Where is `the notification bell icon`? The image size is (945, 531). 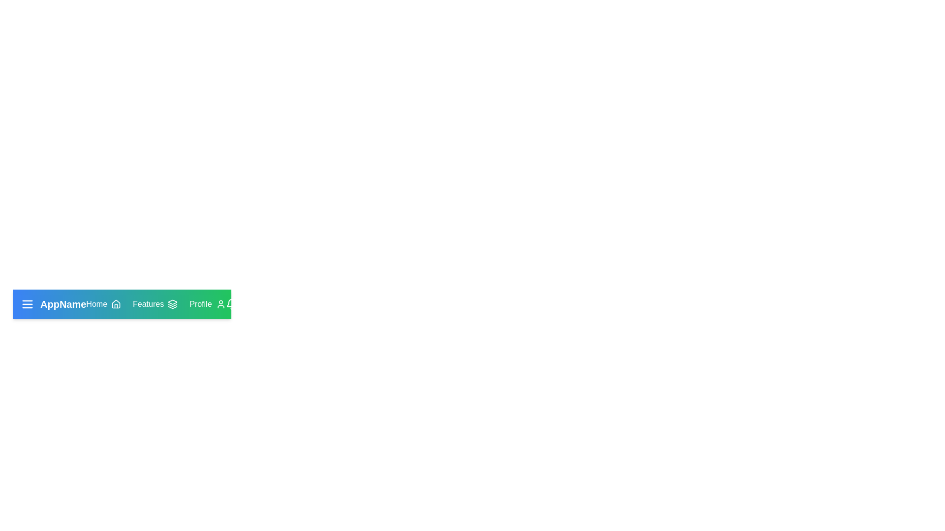
the notification bell icon is located at coordinates (231, 303).